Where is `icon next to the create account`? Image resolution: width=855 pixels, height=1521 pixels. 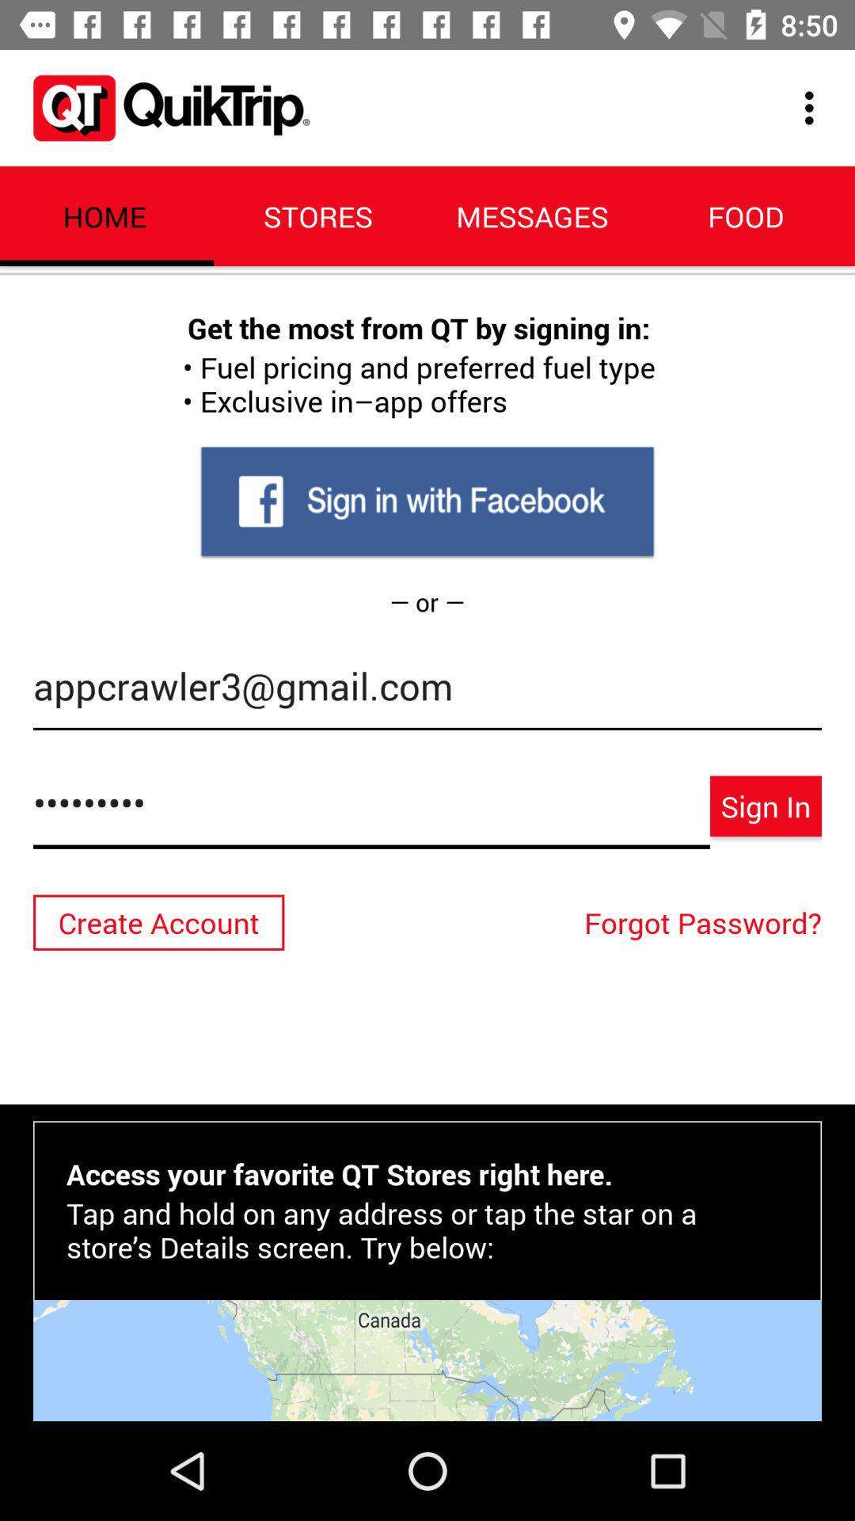 icon next to the create account is located at coordinates (706, 922).